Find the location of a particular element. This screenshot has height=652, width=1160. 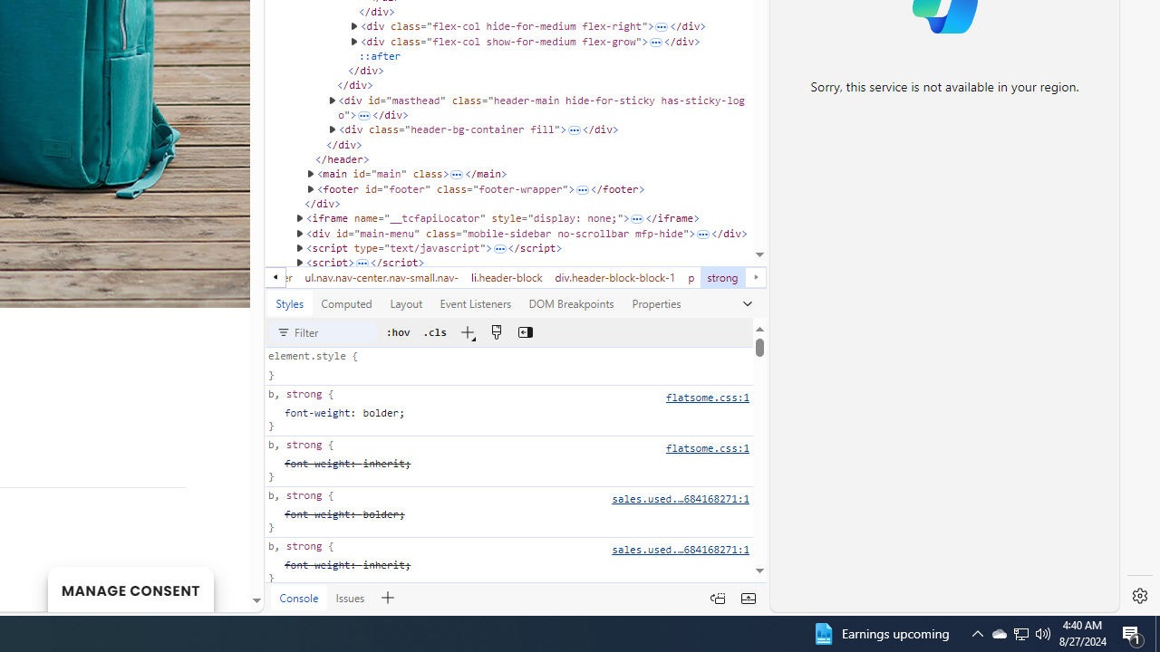

'p' is located at coordinates (691, 277).